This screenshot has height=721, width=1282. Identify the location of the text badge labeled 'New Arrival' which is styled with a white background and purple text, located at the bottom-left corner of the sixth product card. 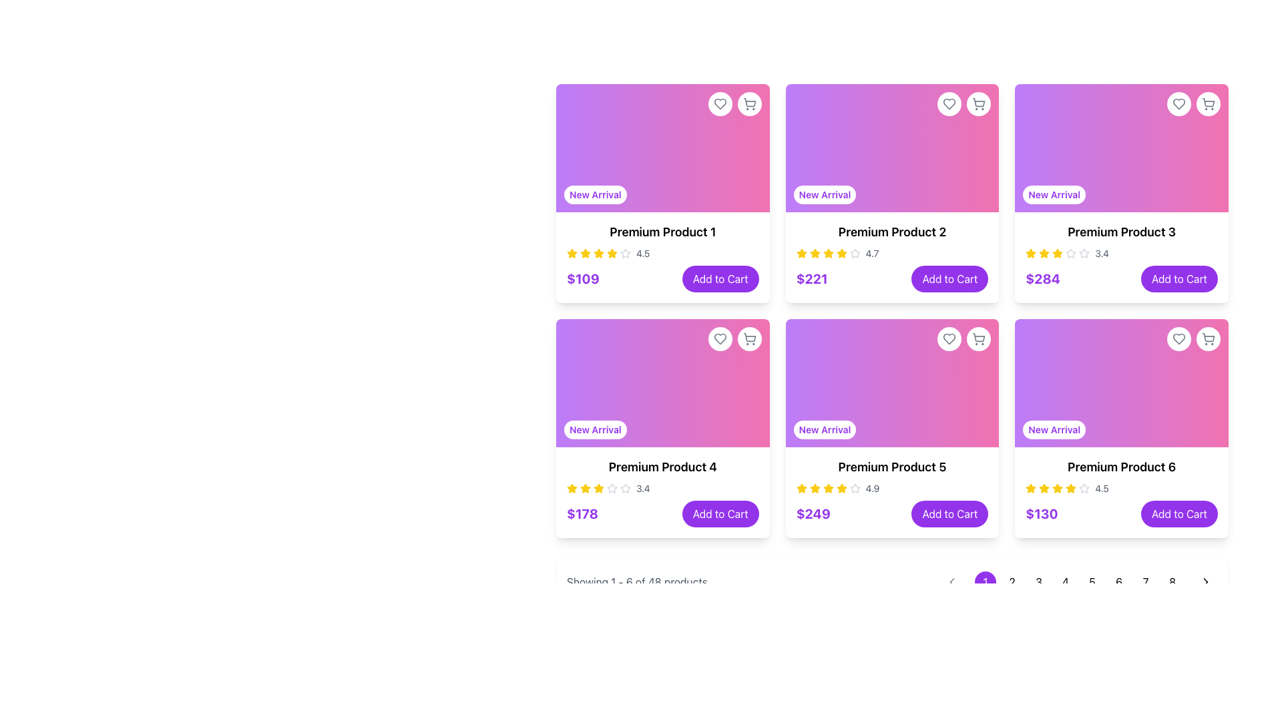
(1054, 430).